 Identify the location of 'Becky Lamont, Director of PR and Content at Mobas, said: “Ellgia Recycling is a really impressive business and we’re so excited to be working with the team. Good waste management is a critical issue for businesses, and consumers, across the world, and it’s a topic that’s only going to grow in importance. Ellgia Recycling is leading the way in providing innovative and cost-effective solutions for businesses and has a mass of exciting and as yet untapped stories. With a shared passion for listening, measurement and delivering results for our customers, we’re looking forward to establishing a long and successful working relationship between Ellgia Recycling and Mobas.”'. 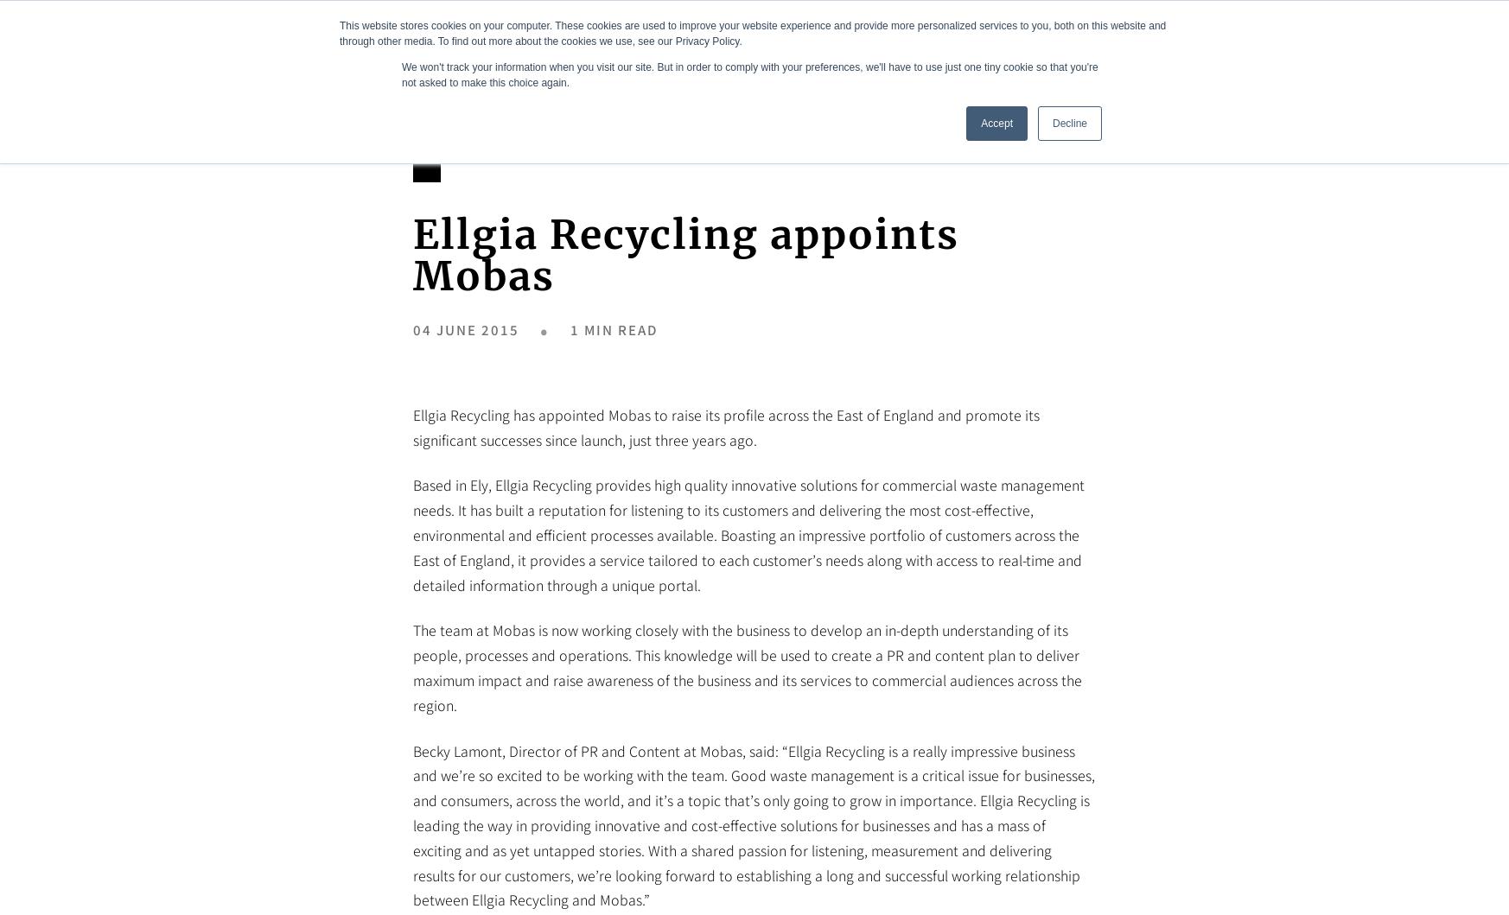
(754, 823).